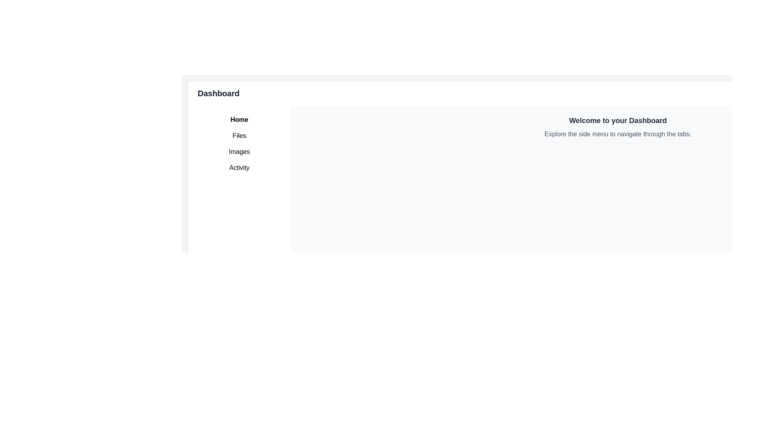 The height and width of the screenshot is (433, 770). Describe the element at coordinates (239, 152) in the screenshot. I see `the text label displaying 'Images'` at that location.